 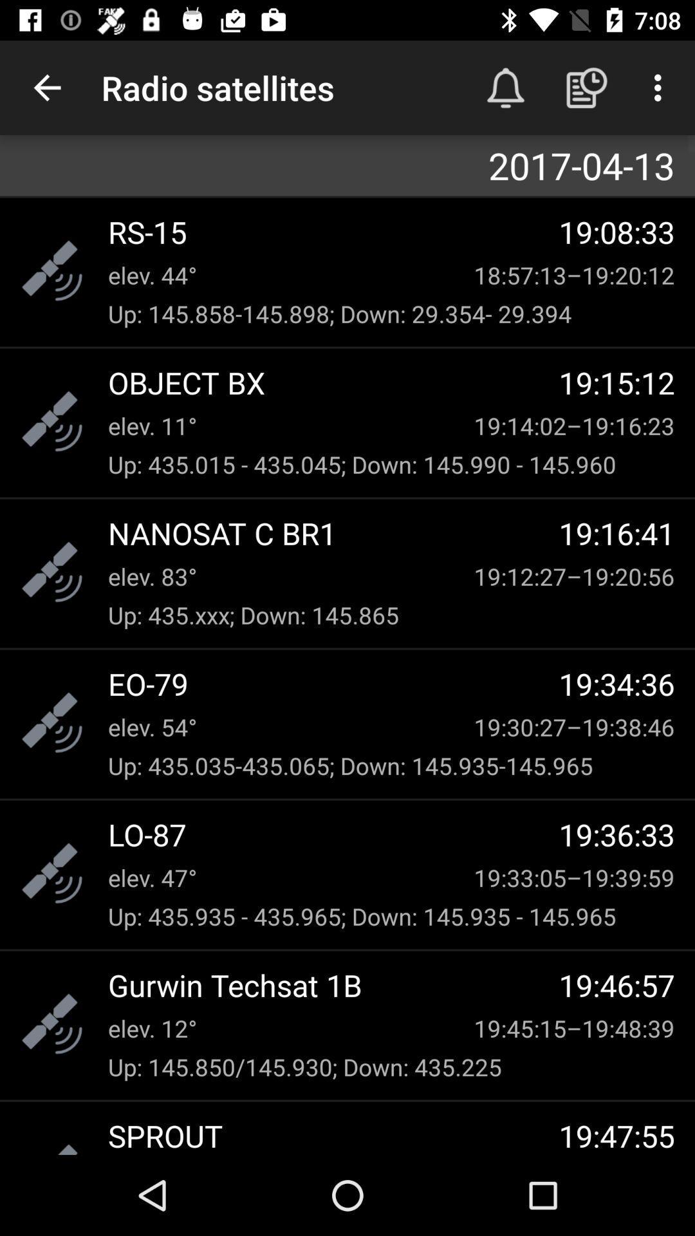 What do you see at coordinates (333, 984) in the screenshot?
I see `the gurwin techsat 1b` at bounding box center [333, 984].